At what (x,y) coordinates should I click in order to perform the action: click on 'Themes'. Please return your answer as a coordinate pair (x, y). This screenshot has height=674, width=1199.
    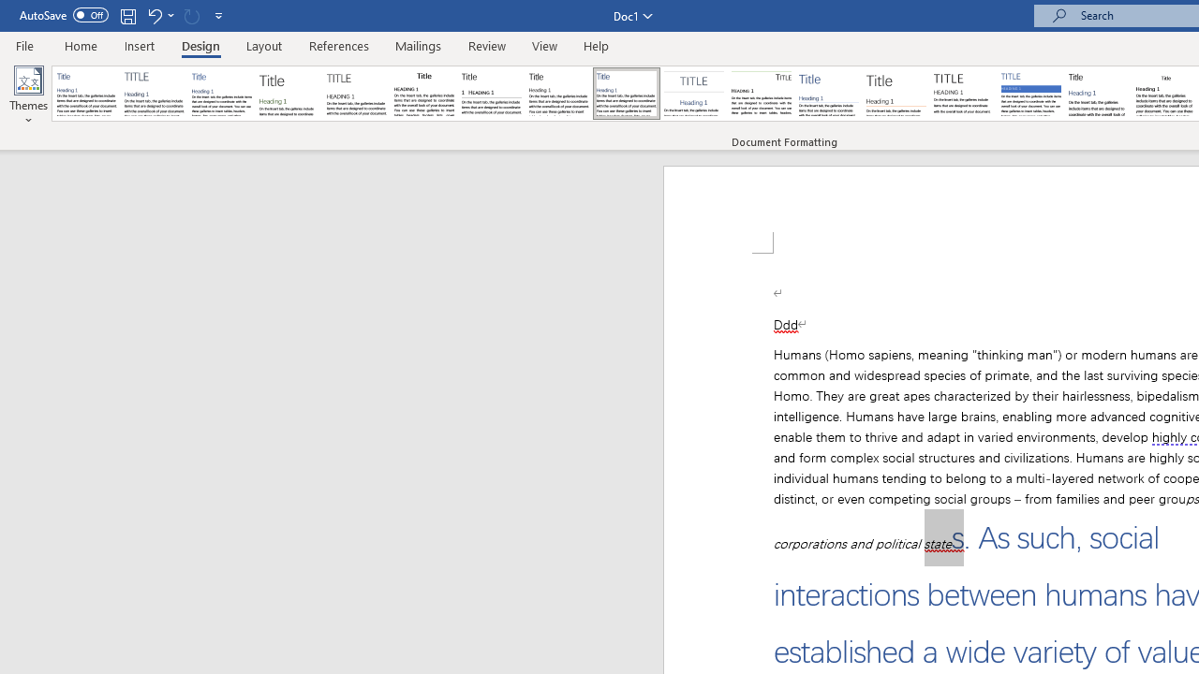
    Looking at the image, I should click on (28, 96).